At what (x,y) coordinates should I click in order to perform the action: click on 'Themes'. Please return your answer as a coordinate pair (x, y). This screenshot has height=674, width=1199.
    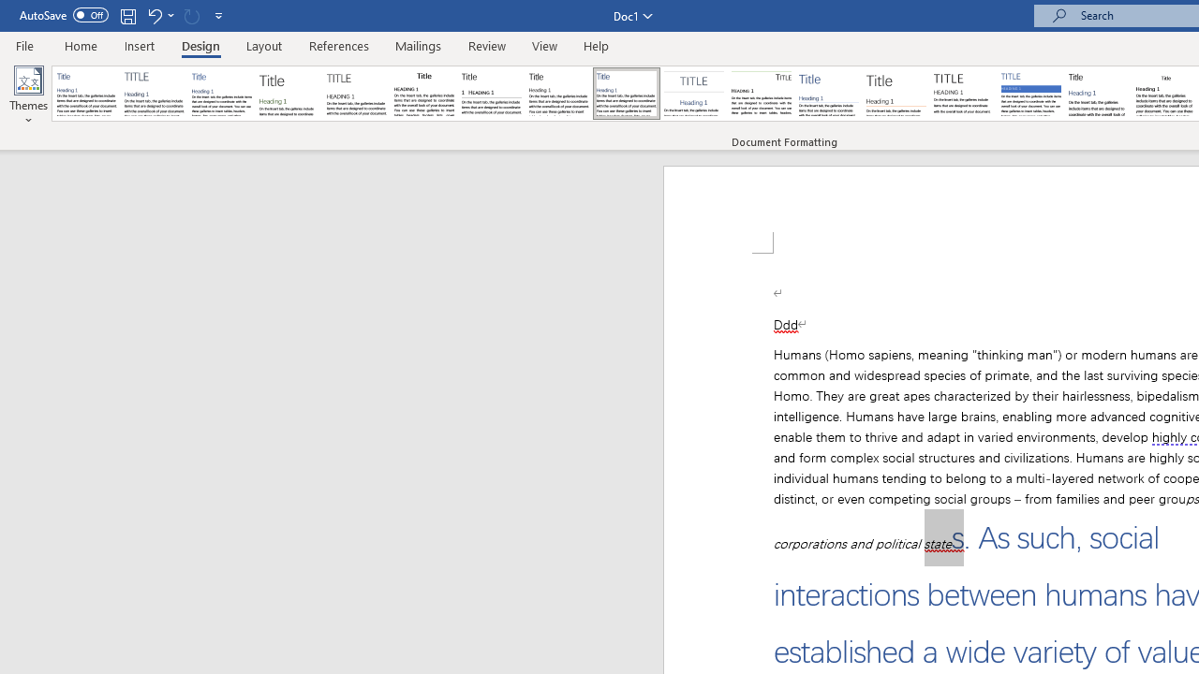
    Looking at the image, I should click on (28, 96).